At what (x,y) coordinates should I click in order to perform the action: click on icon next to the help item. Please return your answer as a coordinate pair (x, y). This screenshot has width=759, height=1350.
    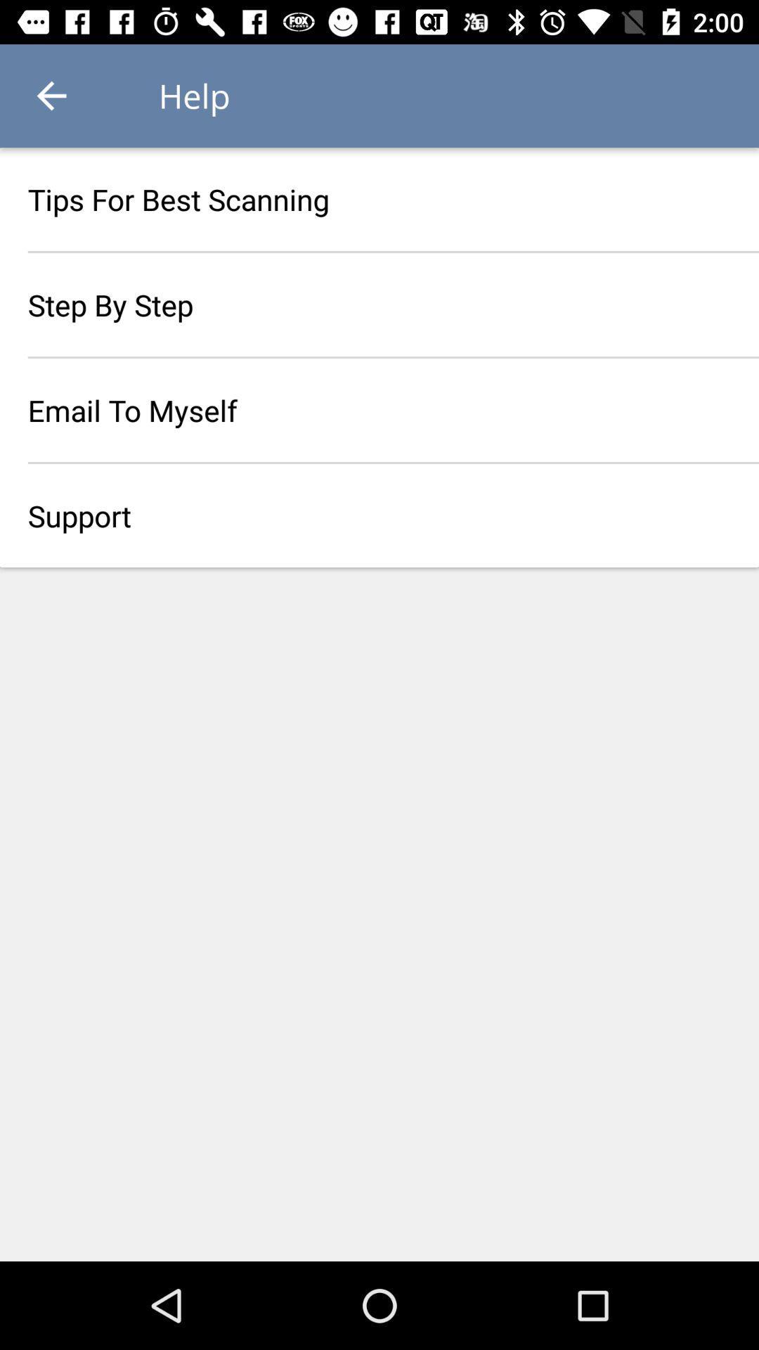
    Looking at the image, I should click on (51, 95).